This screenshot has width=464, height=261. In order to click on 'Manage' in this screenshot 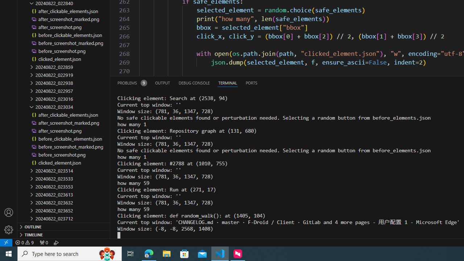, I will do `click(9, 229)`.